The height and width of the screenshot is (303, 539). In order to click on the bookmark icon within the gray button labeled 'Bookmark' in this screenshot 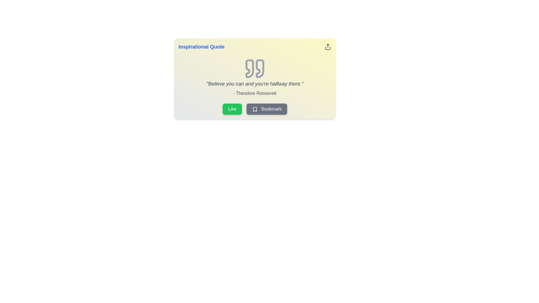, I will do `click(255, 109)`.